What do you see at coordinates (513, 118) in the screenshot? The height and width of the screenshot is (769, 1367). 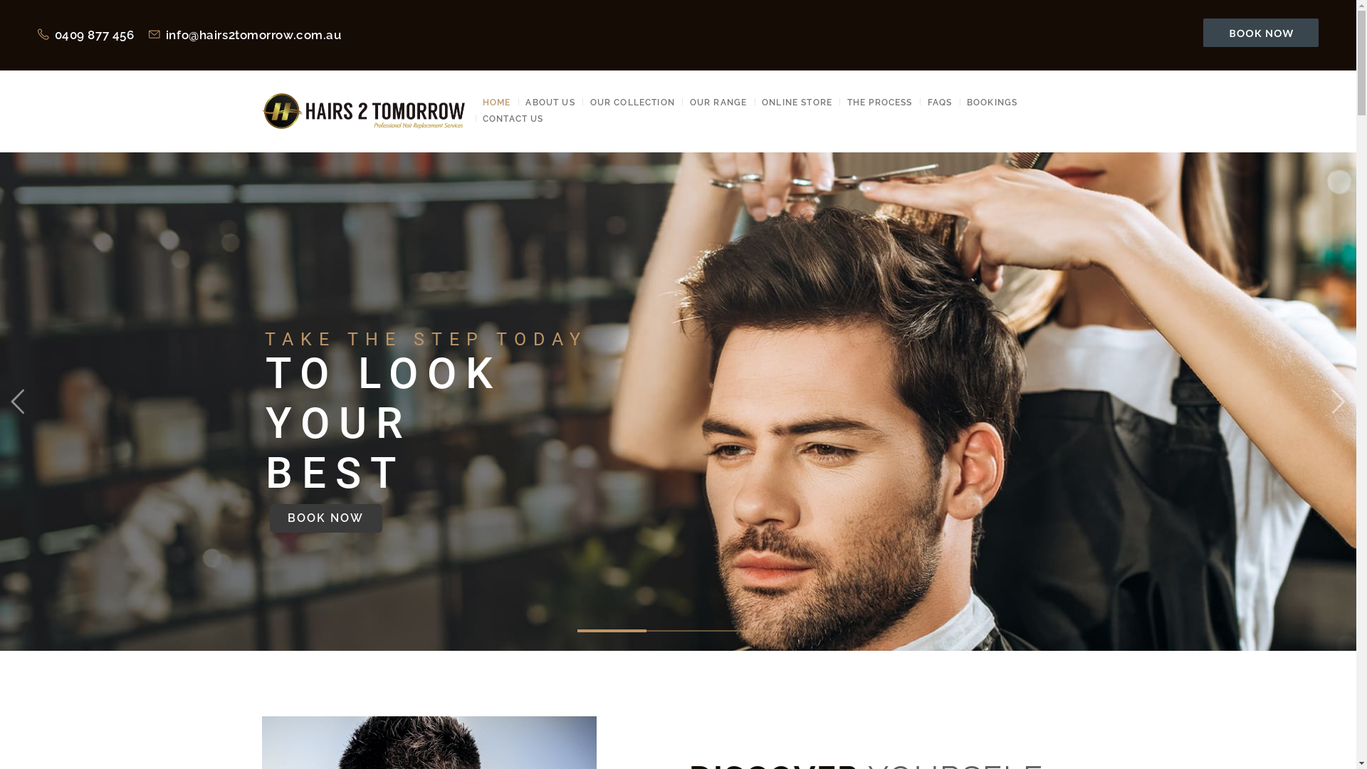 I see `'CONTACT US'` at bounding box center [513, 118].